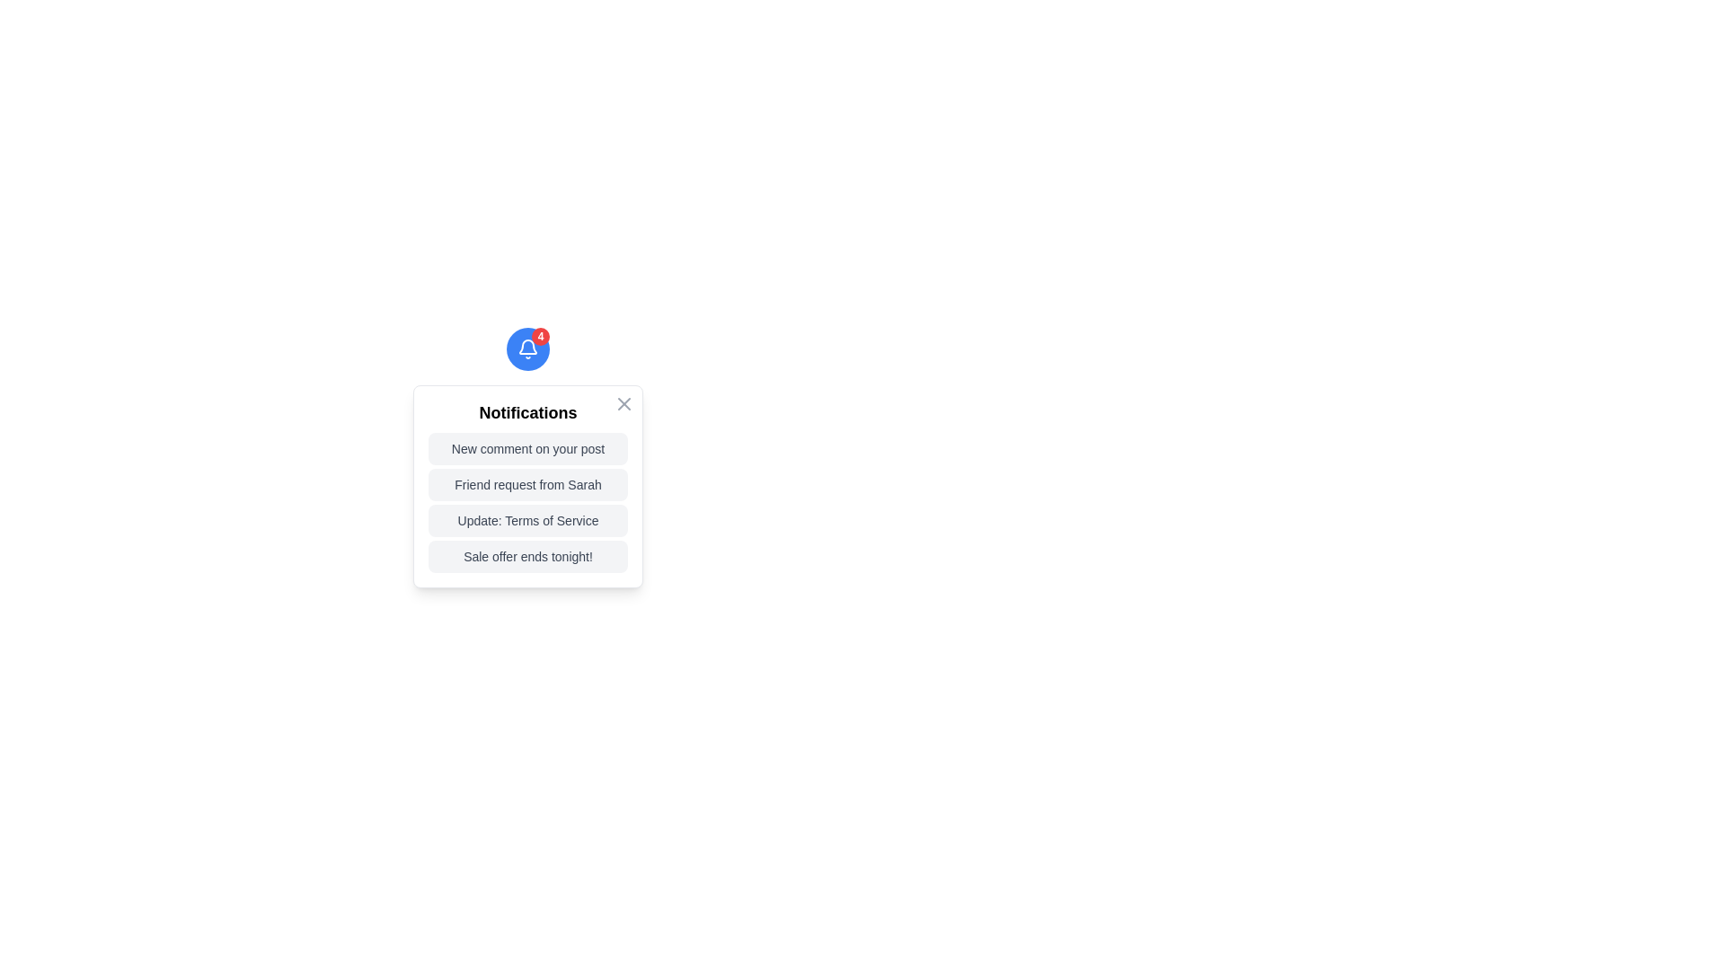 This screenshot has width=1725, height=970. Describe the element at coordinates (624, 404) in the screenshot. I see `the small 'X' icon button in the top-right corner of the notification card to change its color` at that location.